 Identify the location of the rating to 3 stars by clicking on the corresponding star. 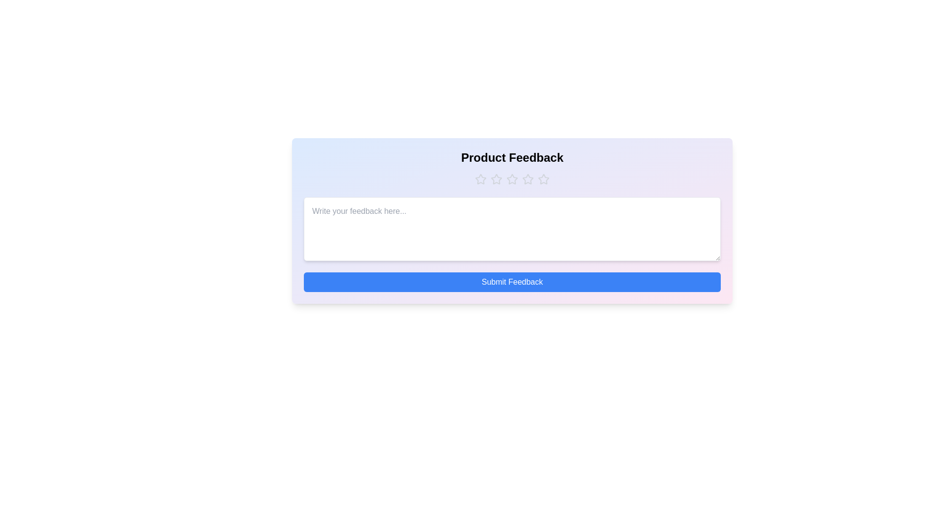
(511, 179).